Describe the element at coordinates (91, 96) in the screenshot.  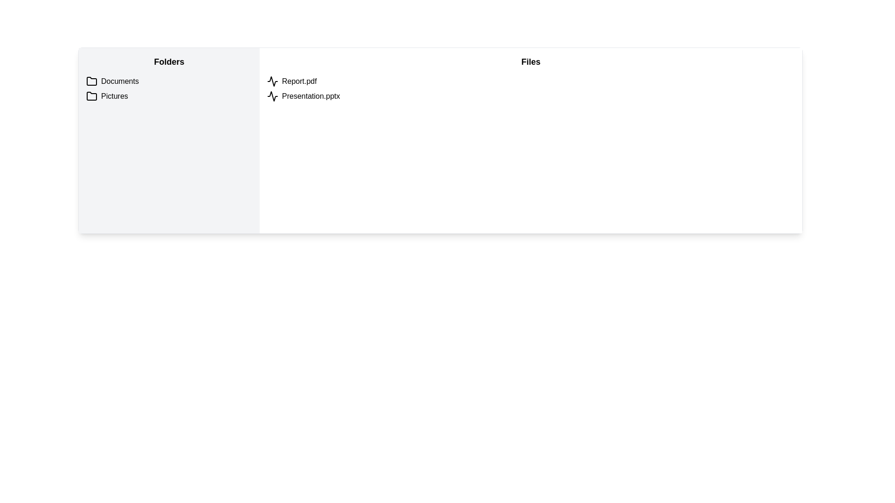
I see `the second folder icon under the 'Folders' section on the left side of the interface` at that location.